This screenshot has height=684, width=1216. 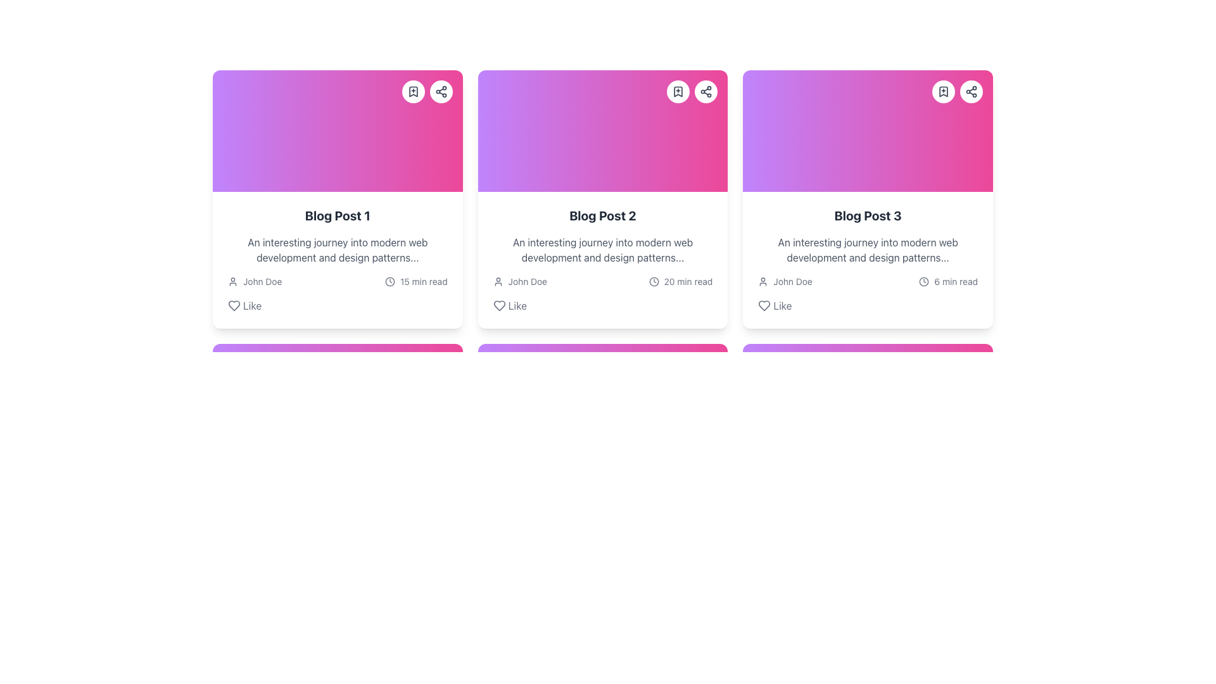 What do you see at coordinates (338, 131) in the screenshot?
I see `the decorative banner at the top of the first blog post card, which features a gradient background from purple to pink and is located above the title 'Blog Post 1'` at bounding box center [338, 131].